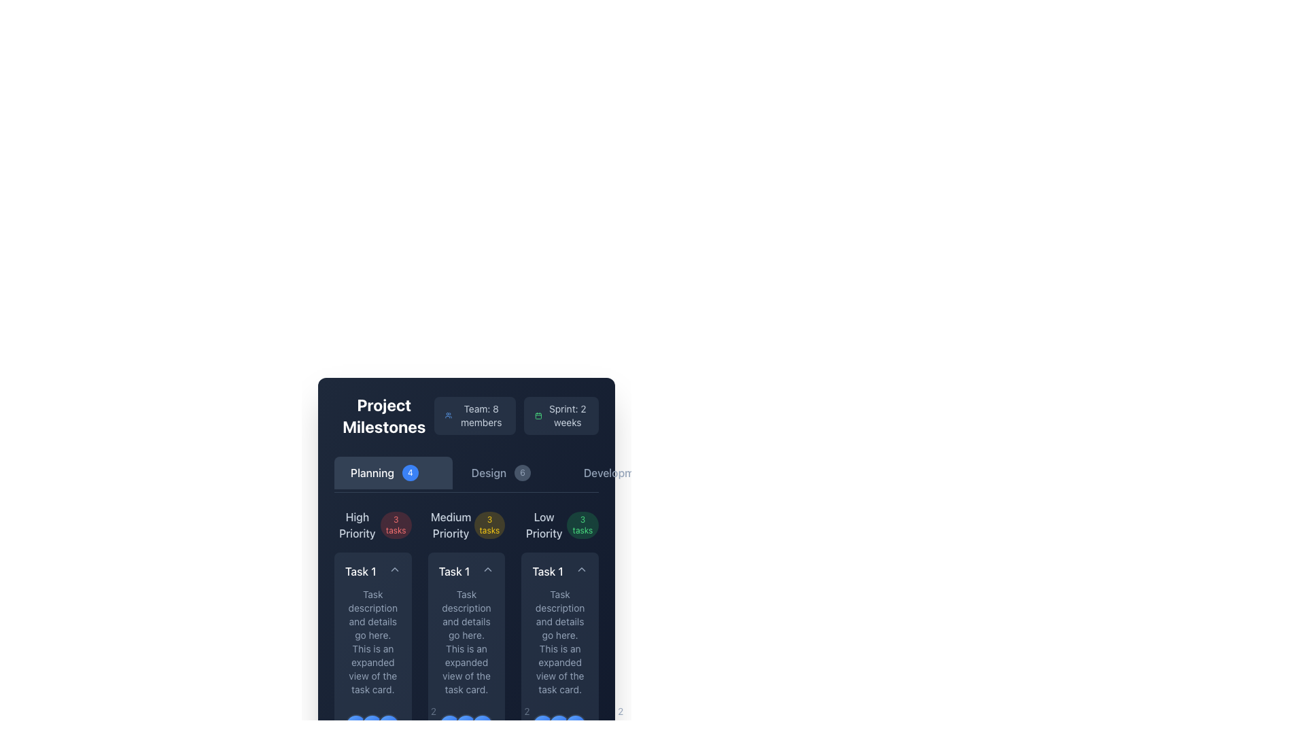 The image size is (1305, 734). Describe the element at coordinates (538, 415) in the screenshot. I see `the green calendar icon located to the left of the text 'Sprint: 2 weeks' in the upper section of the main content area` at that location.